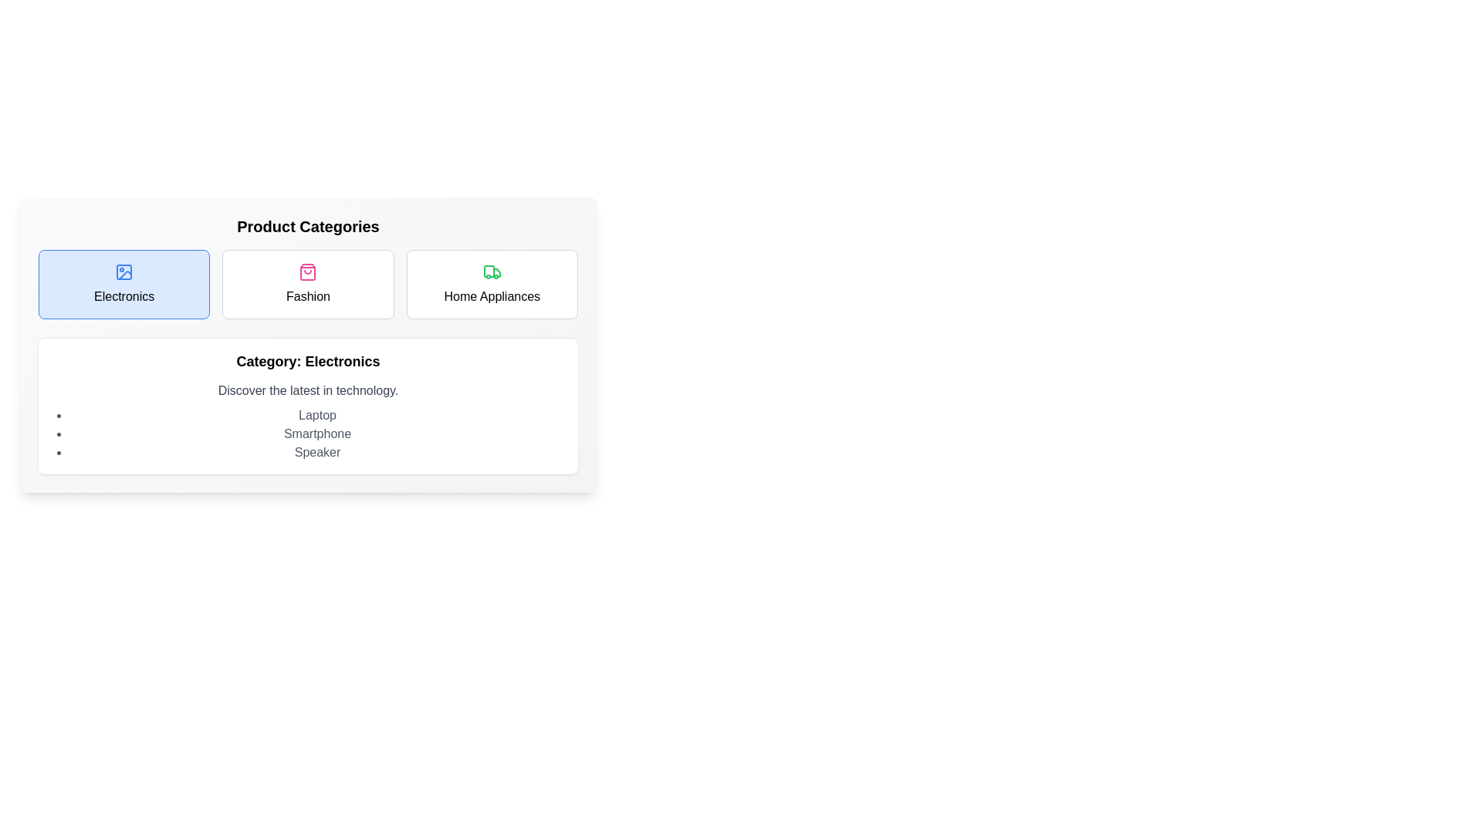 The width and height of the screenshot is (1482, 833). I want to click on the rightmost category selector card for 'Home Appliances' in the 'Product Categories' section, so click(491, 285).